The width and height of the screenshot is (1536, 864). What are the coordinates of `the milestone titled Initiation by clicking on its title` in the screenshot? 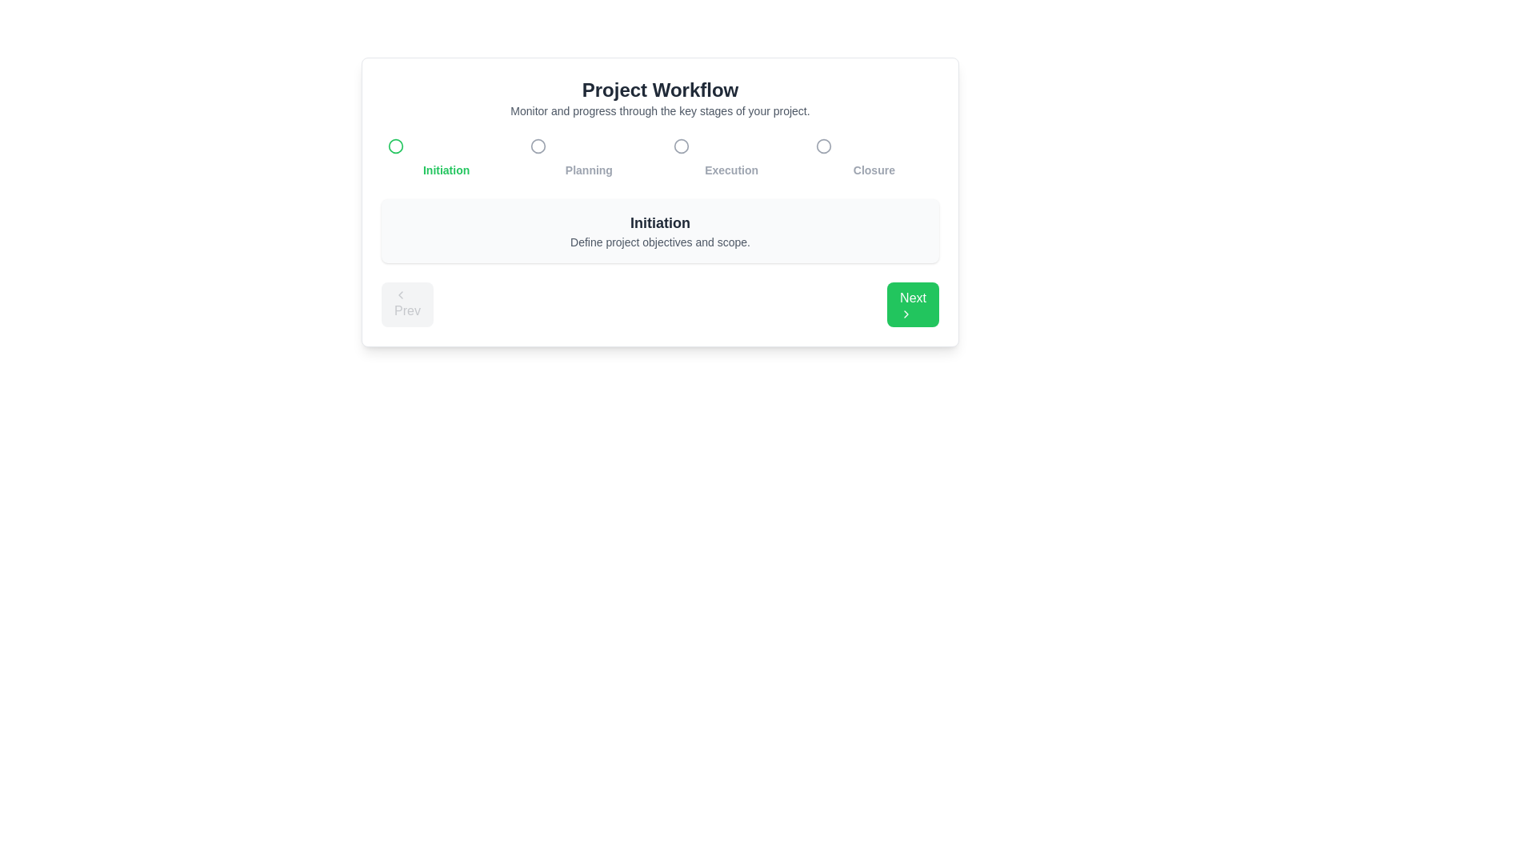 It's located at (446, 156).